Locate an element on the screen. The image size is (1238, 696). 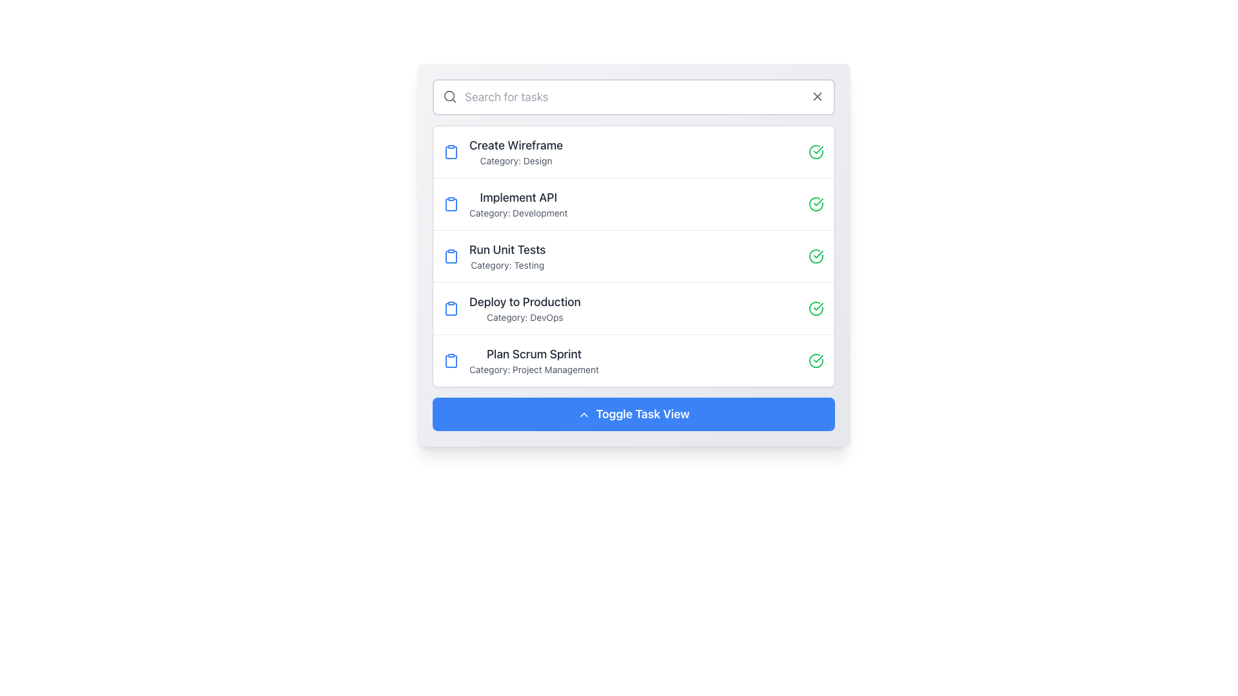
the list item component that displays 'Plan Scrum Sprint' and includes a clipboard icon is located at coordinates (521, 360).